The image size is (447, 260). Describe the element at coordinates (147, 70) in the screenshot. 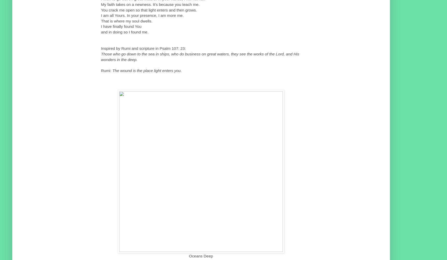

I see `'The wound is the place light enters you.'` at that location.